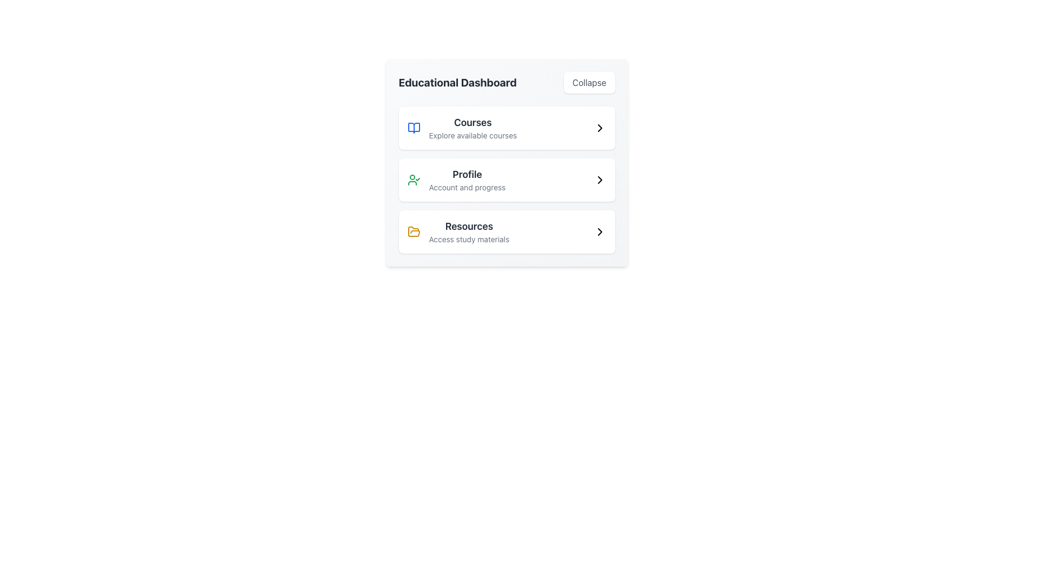 This screenshot has width=1038, height=584. Describe the element at coordinates (413, 179) in the screenshot. I see `the green circular icon representing a verified user in the 'Profile' section, located to the left of the 'Profile' text label` at that location.